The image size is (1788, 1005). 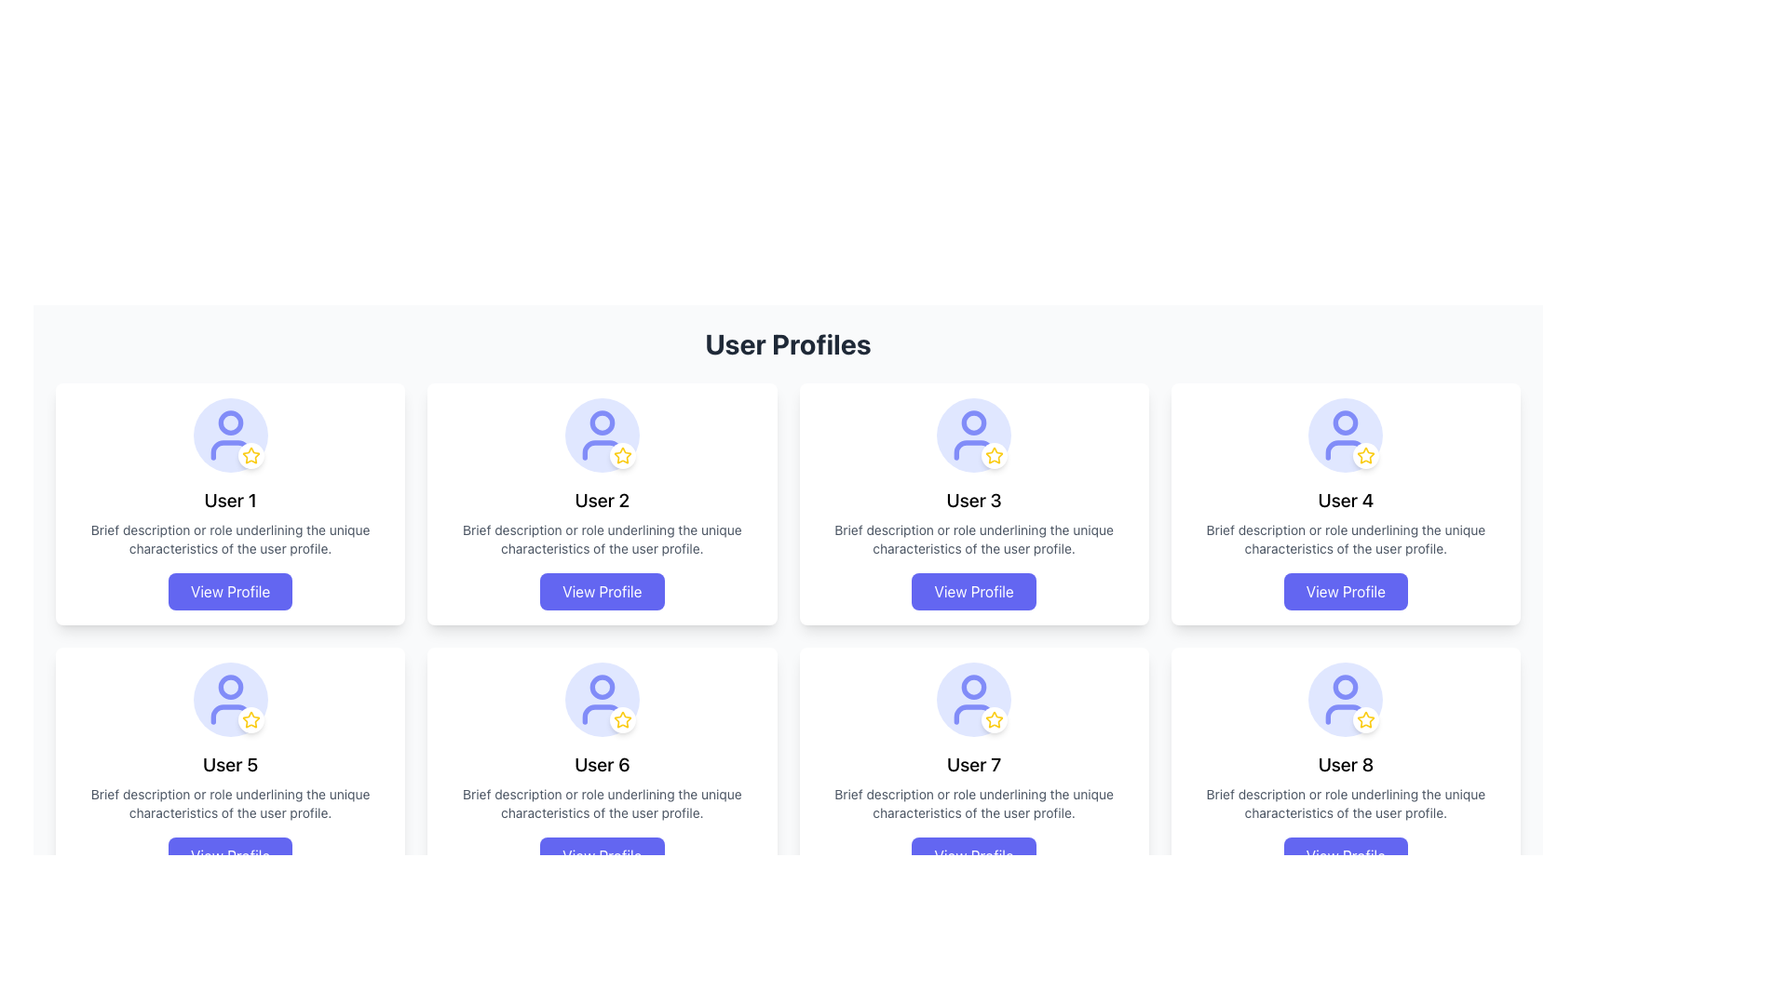 I want to click on text label that contains the description under the user profile 'User 7', so click(x=973, y=803).